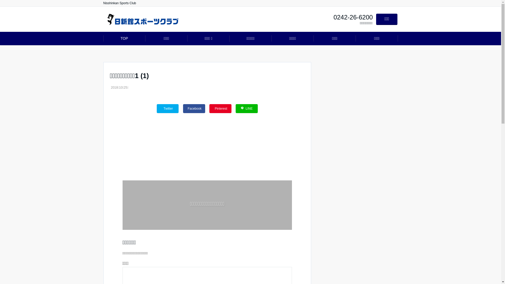 This screenshot has height=284, width=505. I want to click on 'LINE', so click(246, 108).